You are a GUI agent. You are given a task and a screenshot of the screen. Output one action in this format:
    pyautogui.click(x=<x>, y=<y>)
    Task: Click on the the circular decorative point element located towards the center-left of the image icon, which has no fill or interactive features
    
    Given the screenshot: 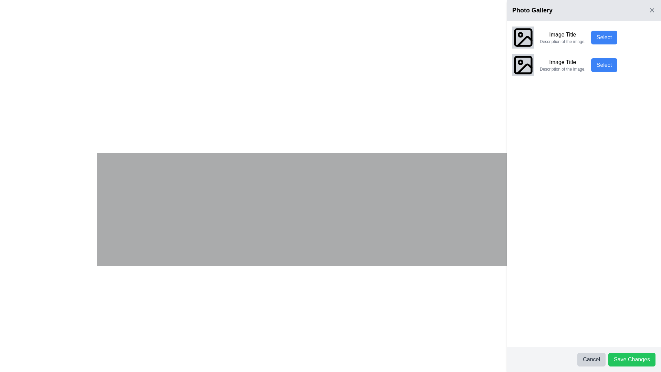 What is the action you would take?
    pyautogui.click(x=521, y=62)
    